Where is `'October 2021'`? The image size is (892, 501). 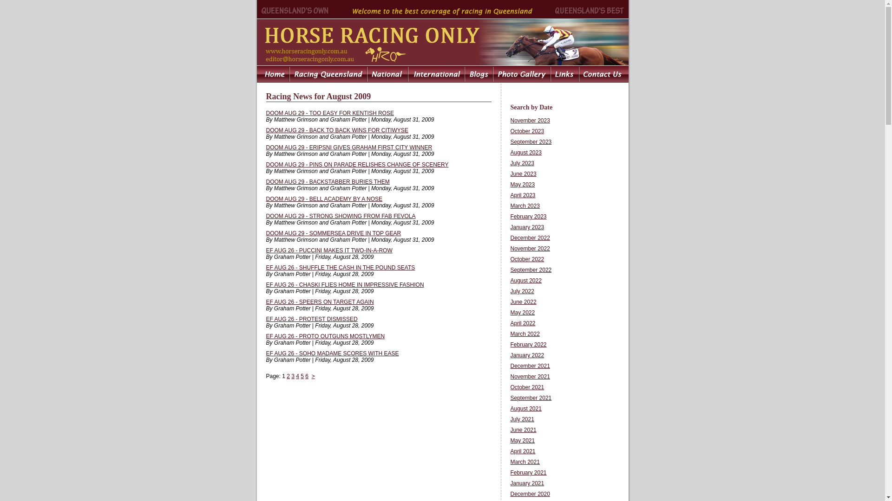 'October 2021' is located at coordinates (527, 387).